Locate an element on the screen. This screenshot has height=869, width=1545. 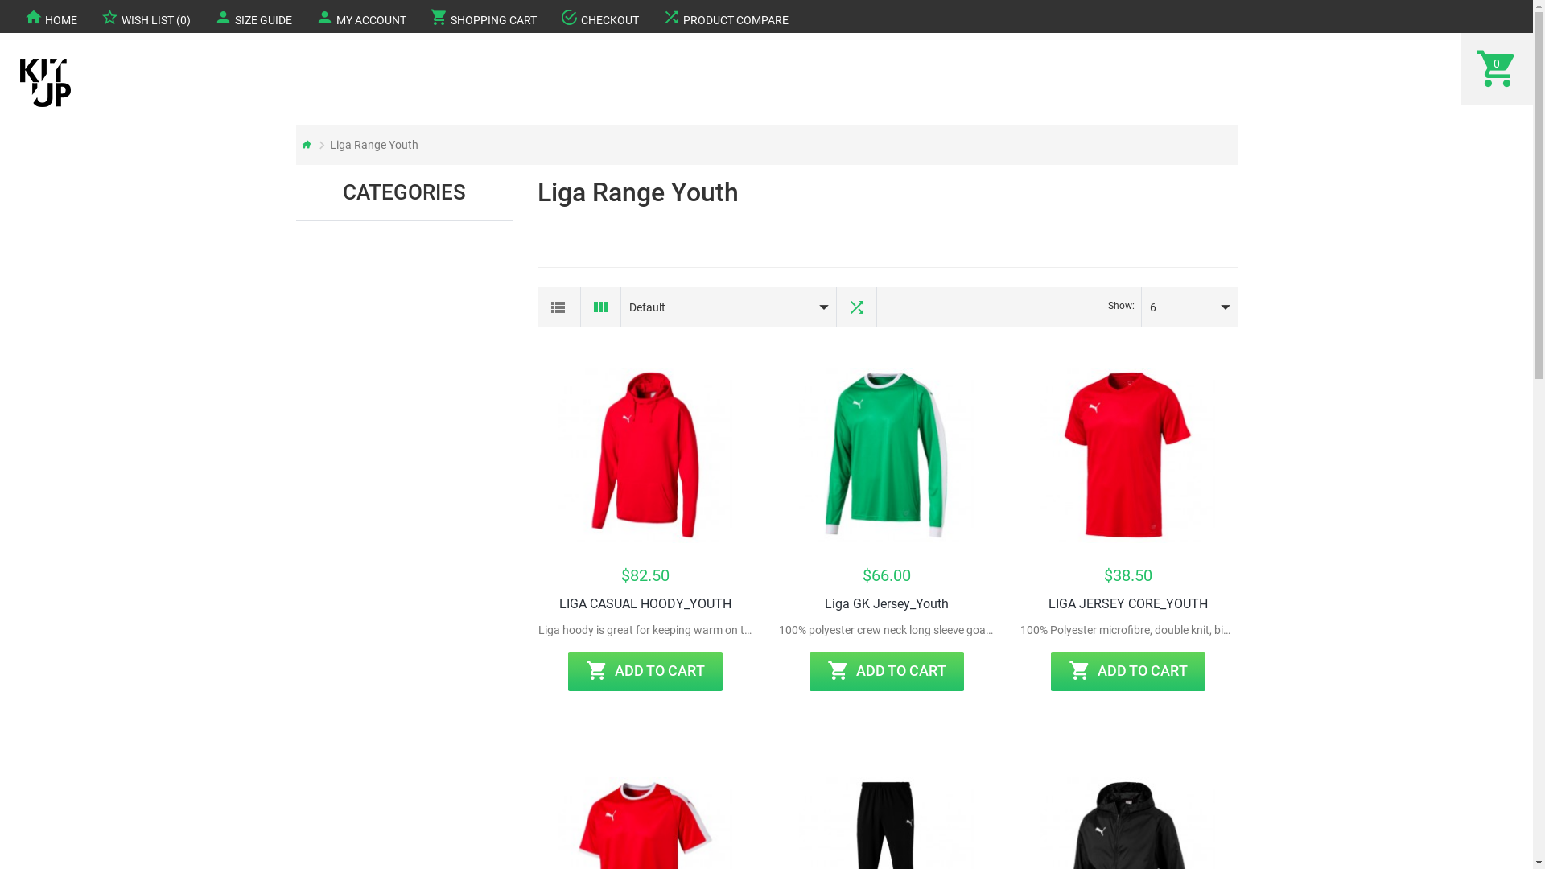
'LIGA JERSEY CORE_YOUTH' is located at coordinates (1048, 604).